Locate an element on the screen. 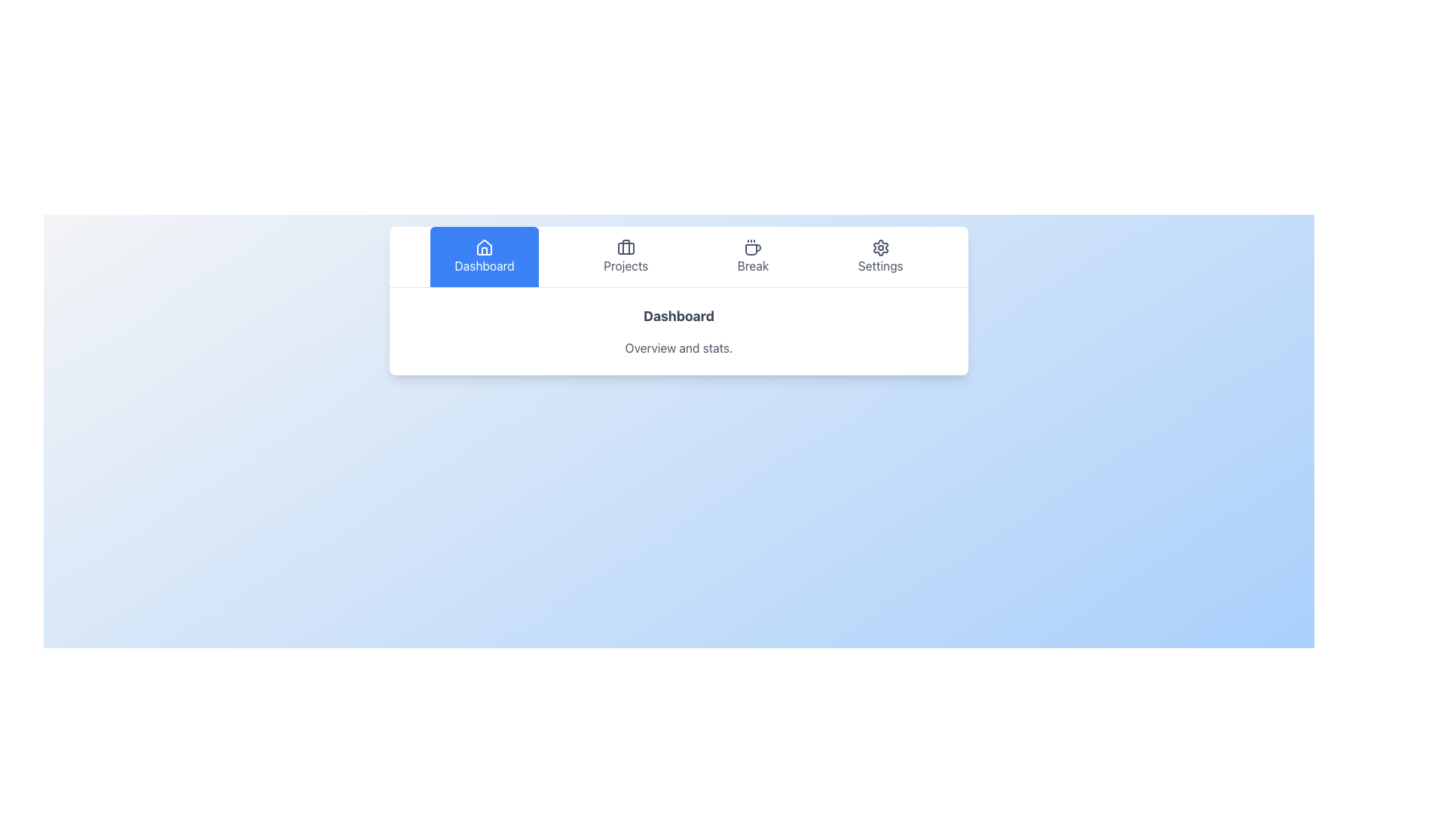 The image size is (1447, 814). the 'Dashboard' navigation button, which is the first button from the left in the horizontal navigation bar with a blue background is located at coordinates (485, 256).